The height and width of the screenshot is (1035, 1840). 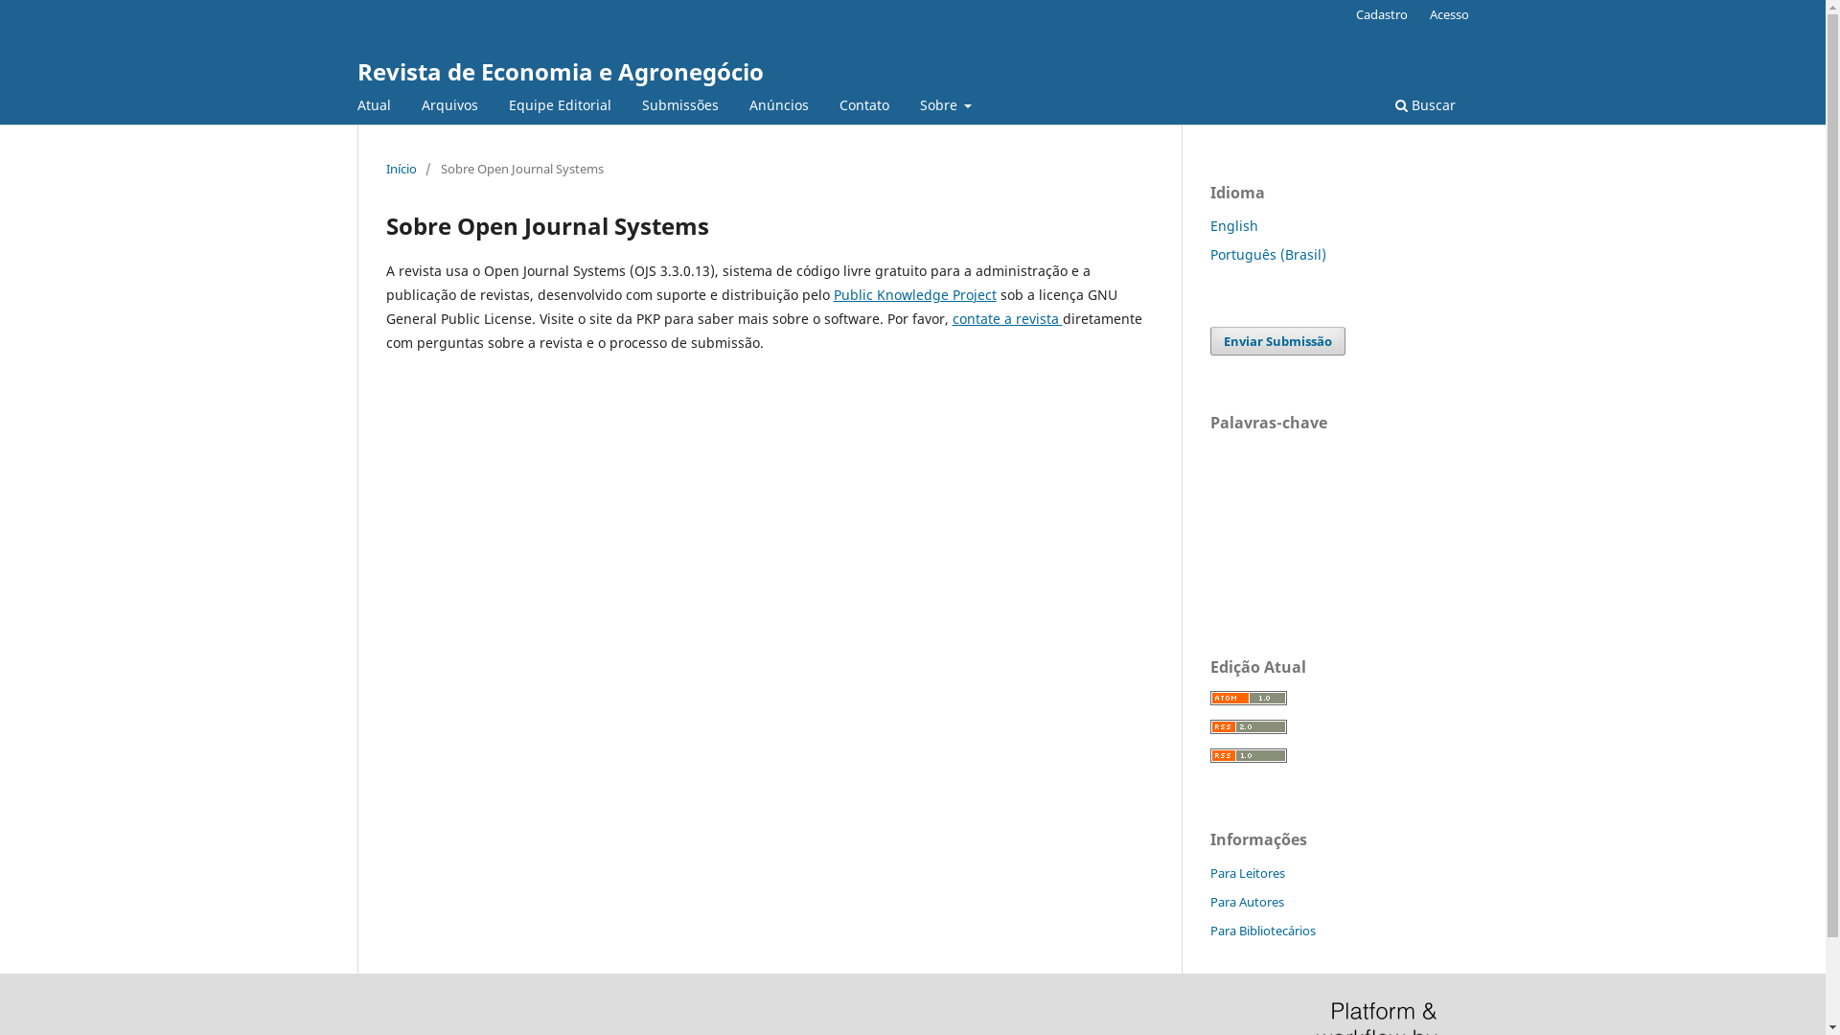 I want to click on 'Arquivos', so click(x=448, y=107).